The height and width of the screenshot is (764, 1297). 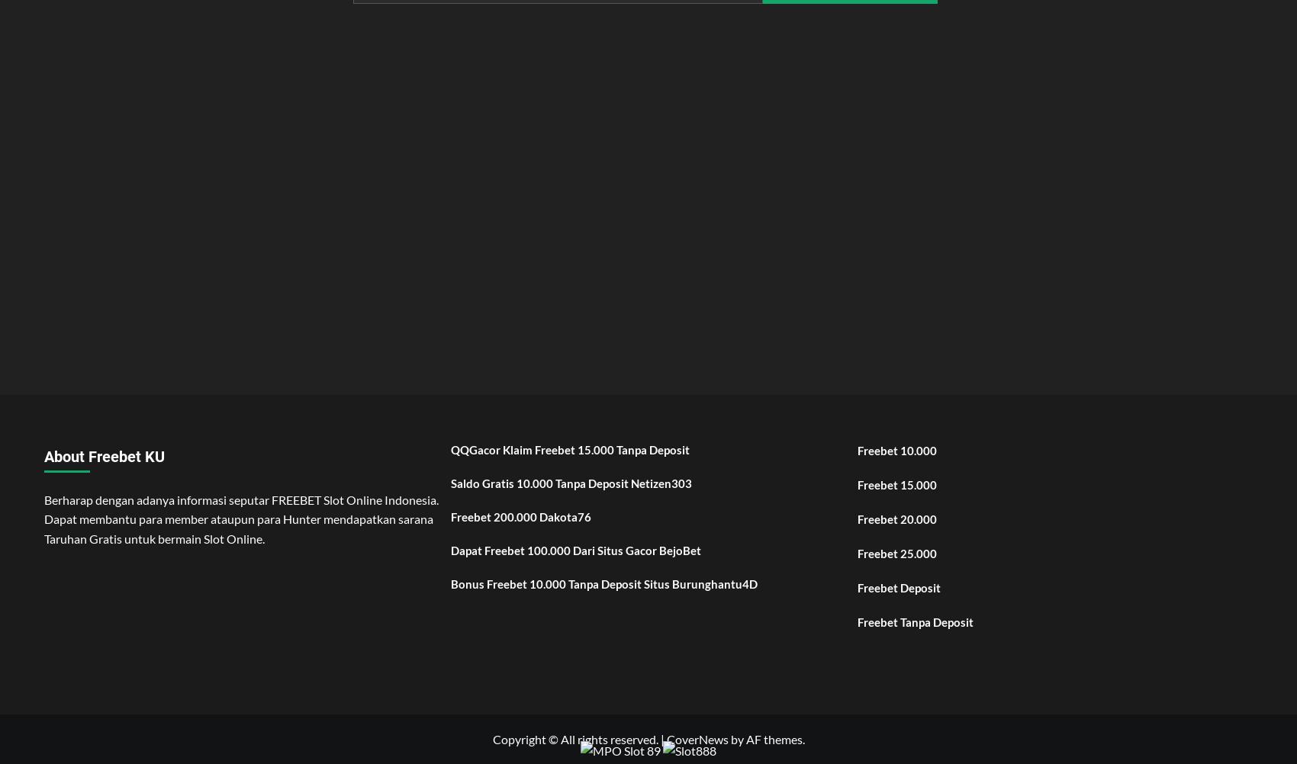 I want to click on 'Copyright © All rights reserved.', so click(x=574, y=738).